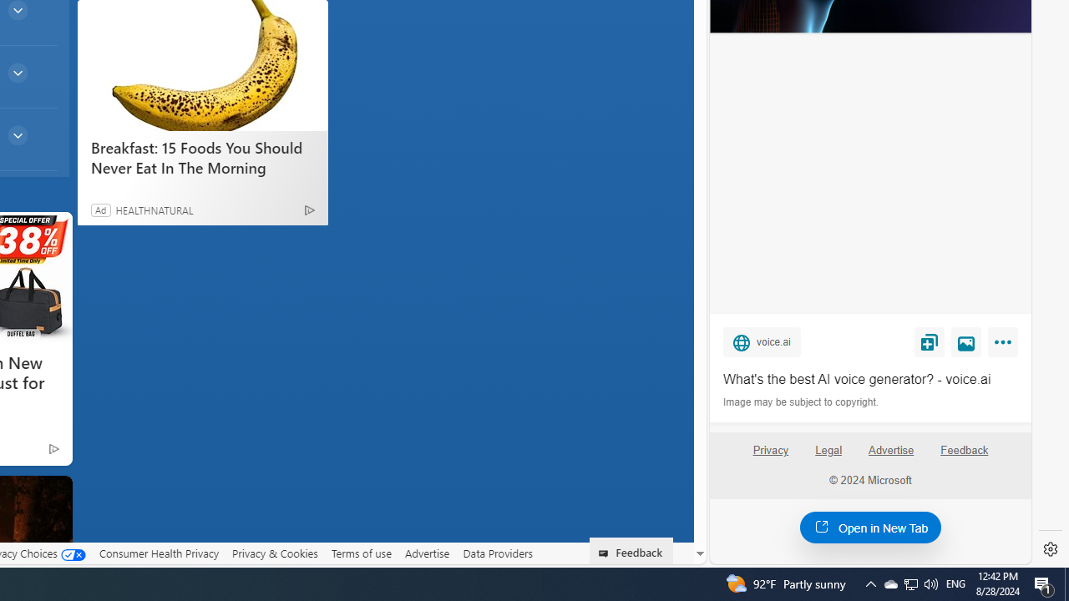 This screenshot has height=601, width=1069. I want to click on 'Legal', so click(828, 457).